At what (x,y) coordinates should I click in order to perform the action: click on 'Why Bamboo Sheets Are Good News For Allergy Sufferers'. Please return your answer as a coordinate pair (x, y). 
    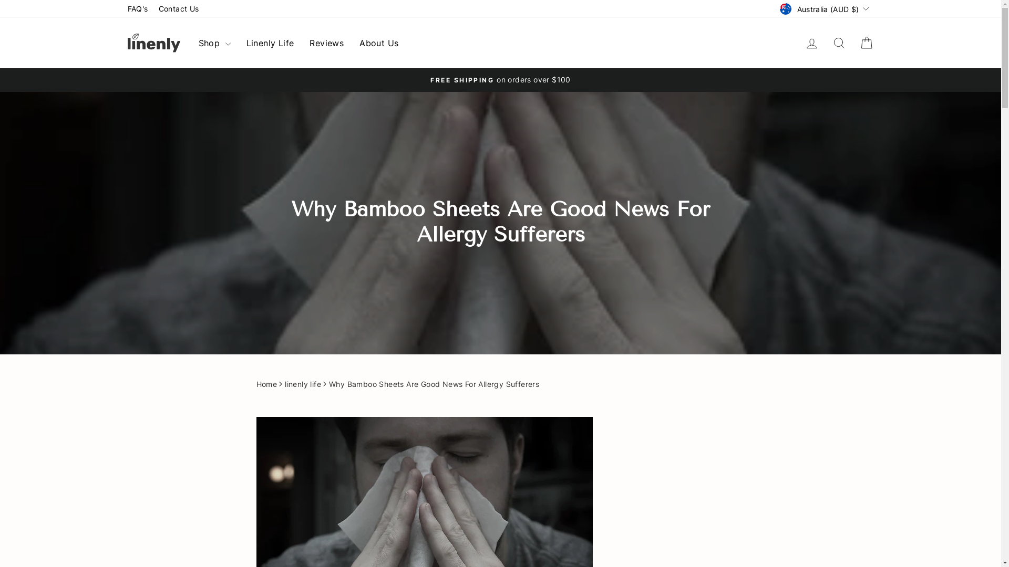
    Looking at the image, I should click on (434, 384).